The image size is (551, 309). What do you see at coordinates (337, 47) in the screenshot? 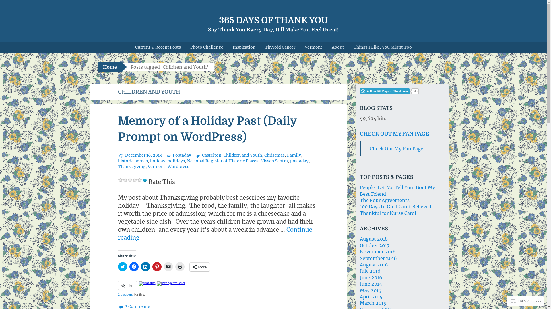
I see `'About'` at bounding box center [337, 47].